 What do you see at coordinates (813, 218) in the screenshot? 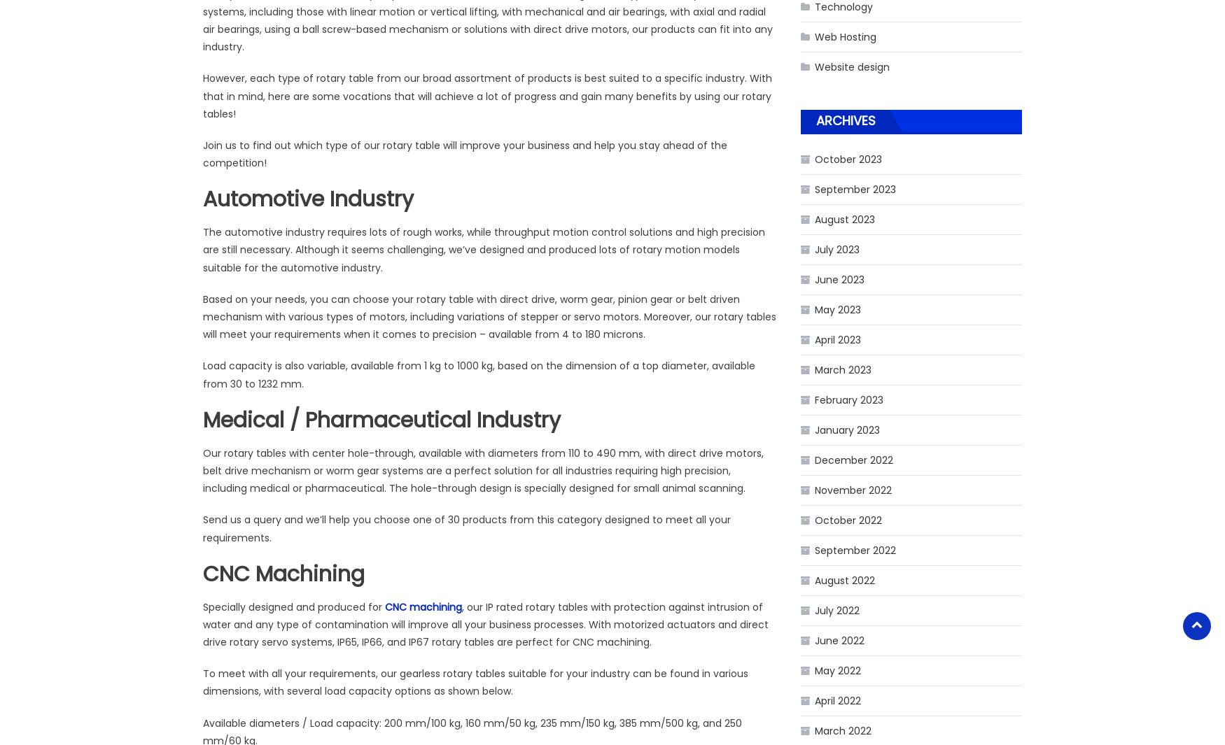
I see `'August 2023'` at bounding box center [813, 218].